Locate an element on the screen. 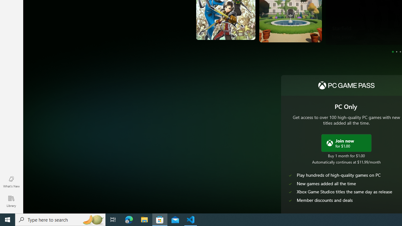  'PC Game Pass logo' is located at coordinates (346, 85).